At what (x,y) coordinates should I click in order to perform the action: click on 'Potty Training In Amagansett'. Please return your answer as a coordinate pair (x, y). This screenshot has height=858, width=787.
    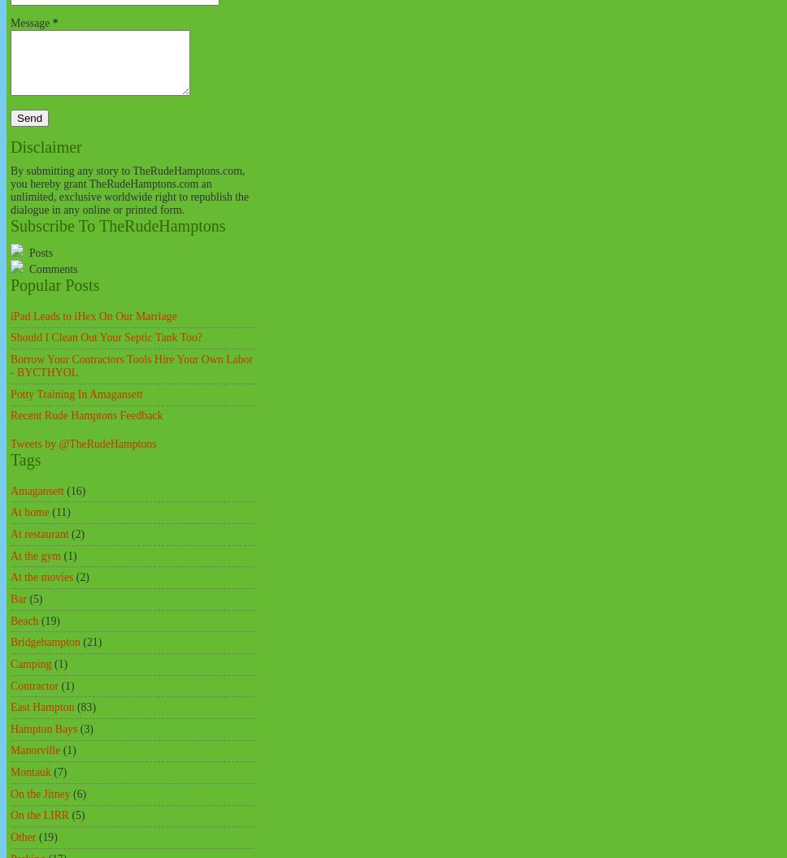
    Looking at the image, I should click on (10, 392).